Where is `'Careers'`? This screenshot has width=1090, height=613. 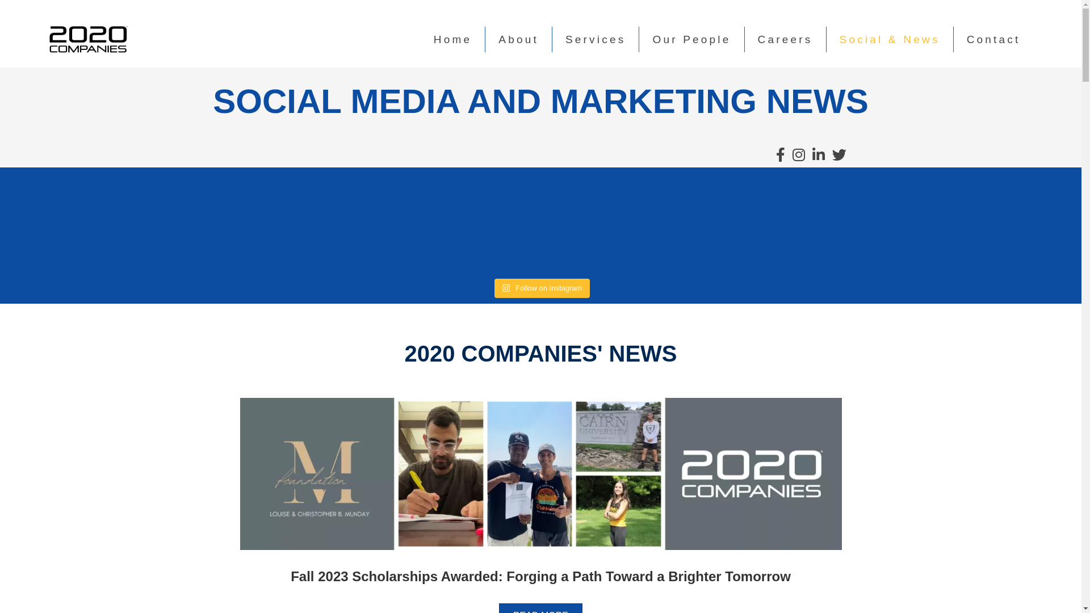
'Careers' is located at coordinates (785, 39).